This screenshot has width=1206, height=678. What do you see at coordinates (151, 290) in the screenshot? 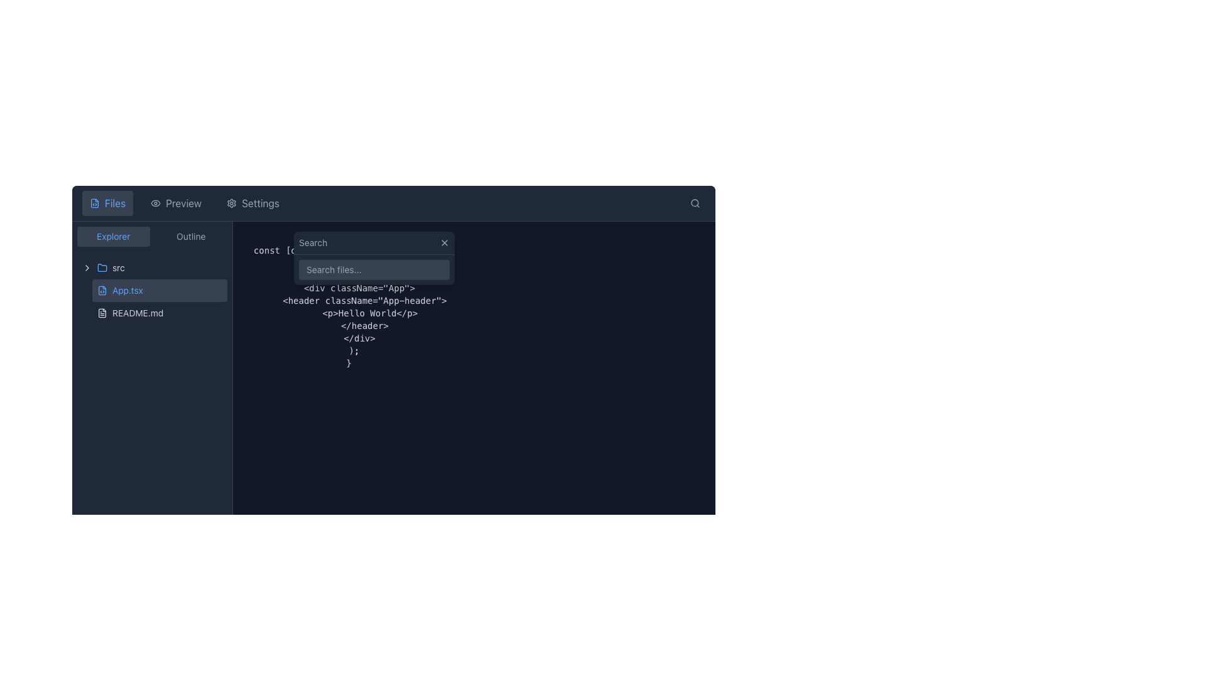
I see `the highlighted file entry 'App.tsx' in the navigation panel` at bounding box center [151, 290].